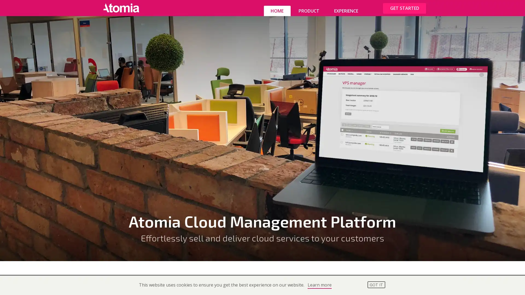 The height and width of the screenshot is (295, 525). What do you see at coordinates (319, 285) in the screenshot?
I see `learn more about cookies` at bounding box center [319, 285].